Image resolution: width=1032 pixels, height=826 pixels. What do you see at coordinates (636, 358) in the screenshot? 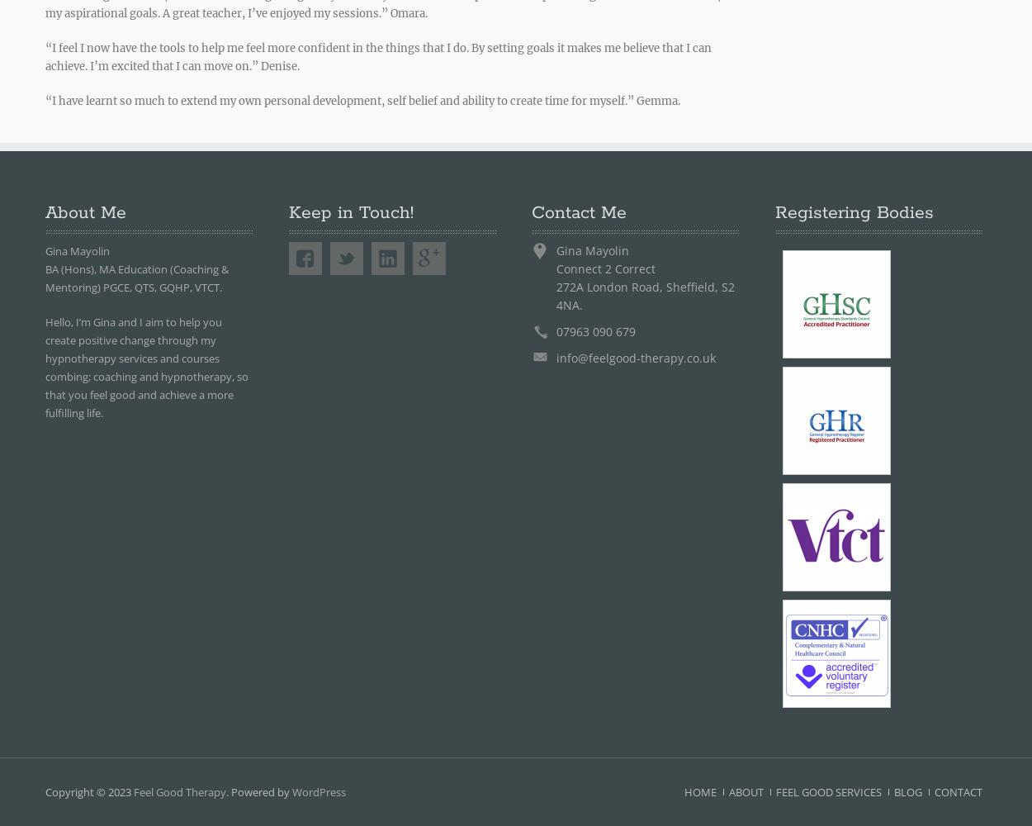
I see `'info@feelgood-therapy.co.uk'` at bounding box center [636, 358].